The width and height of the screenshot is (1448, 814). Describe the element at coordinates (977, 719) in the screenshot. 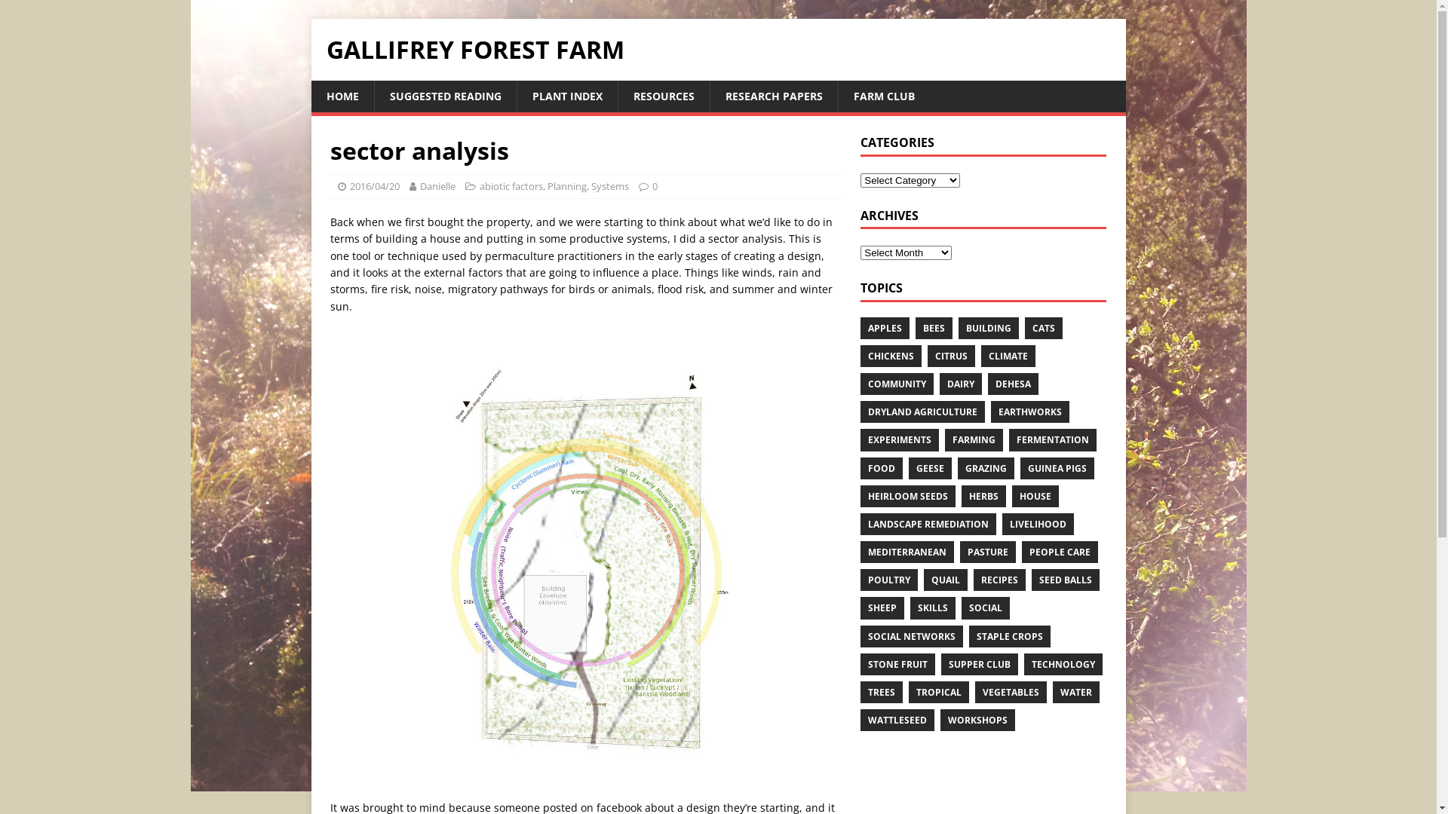

I see `'WORKSHOPS'` at that location.